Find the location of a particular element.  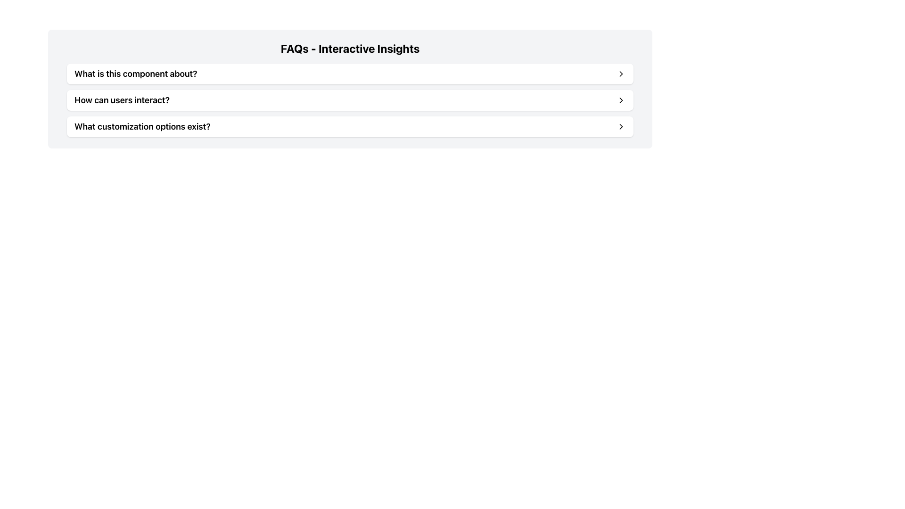

the FAQ header text located in the middle row of the FAQ items list, which summarizes the content or question is located at coordinates (122, 100).